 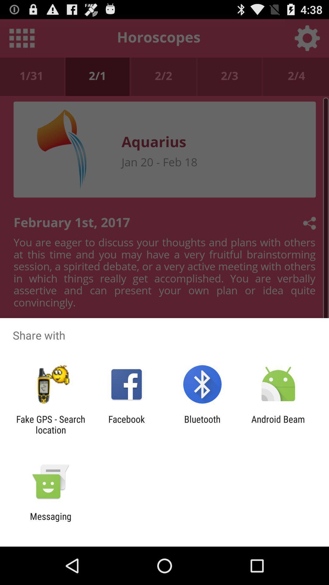 What do you see at coordinates (126, 424) in the screenshot?
I see `item next to fake gps search item` at bounding box center [126, 424].